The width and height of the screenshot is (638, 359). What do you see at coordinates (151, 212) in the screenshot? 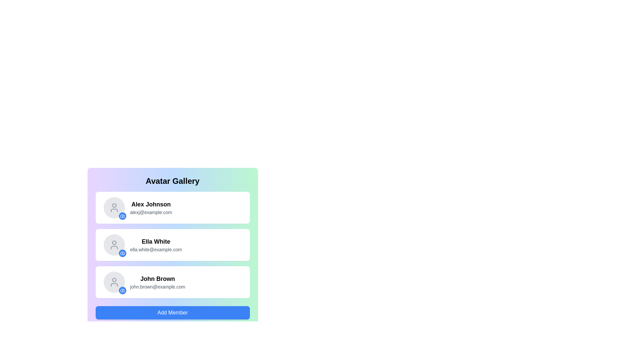
I see `the email address text label displaying 'Alex Johnson' located in the second line of the first user information card` at bounding box center [151, 212].